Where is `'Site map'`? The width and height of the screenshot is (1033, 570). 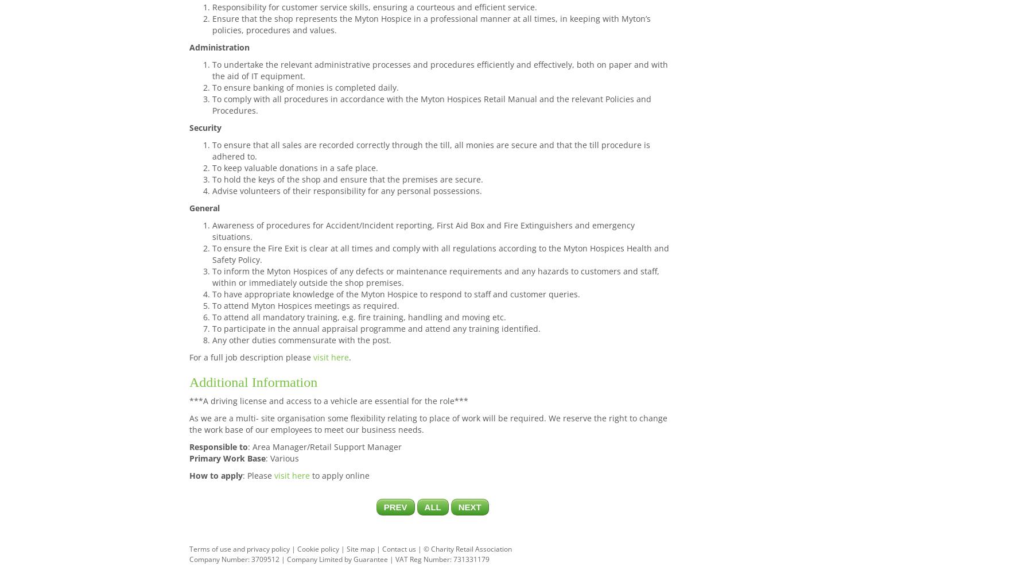 'Site map' is located at coordinates (360, 549).